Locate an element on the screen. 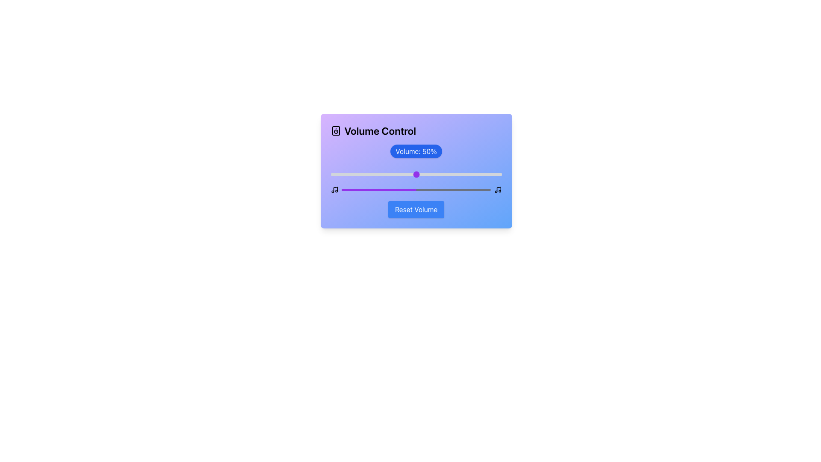  the volume is located at coordinates (386, 189).